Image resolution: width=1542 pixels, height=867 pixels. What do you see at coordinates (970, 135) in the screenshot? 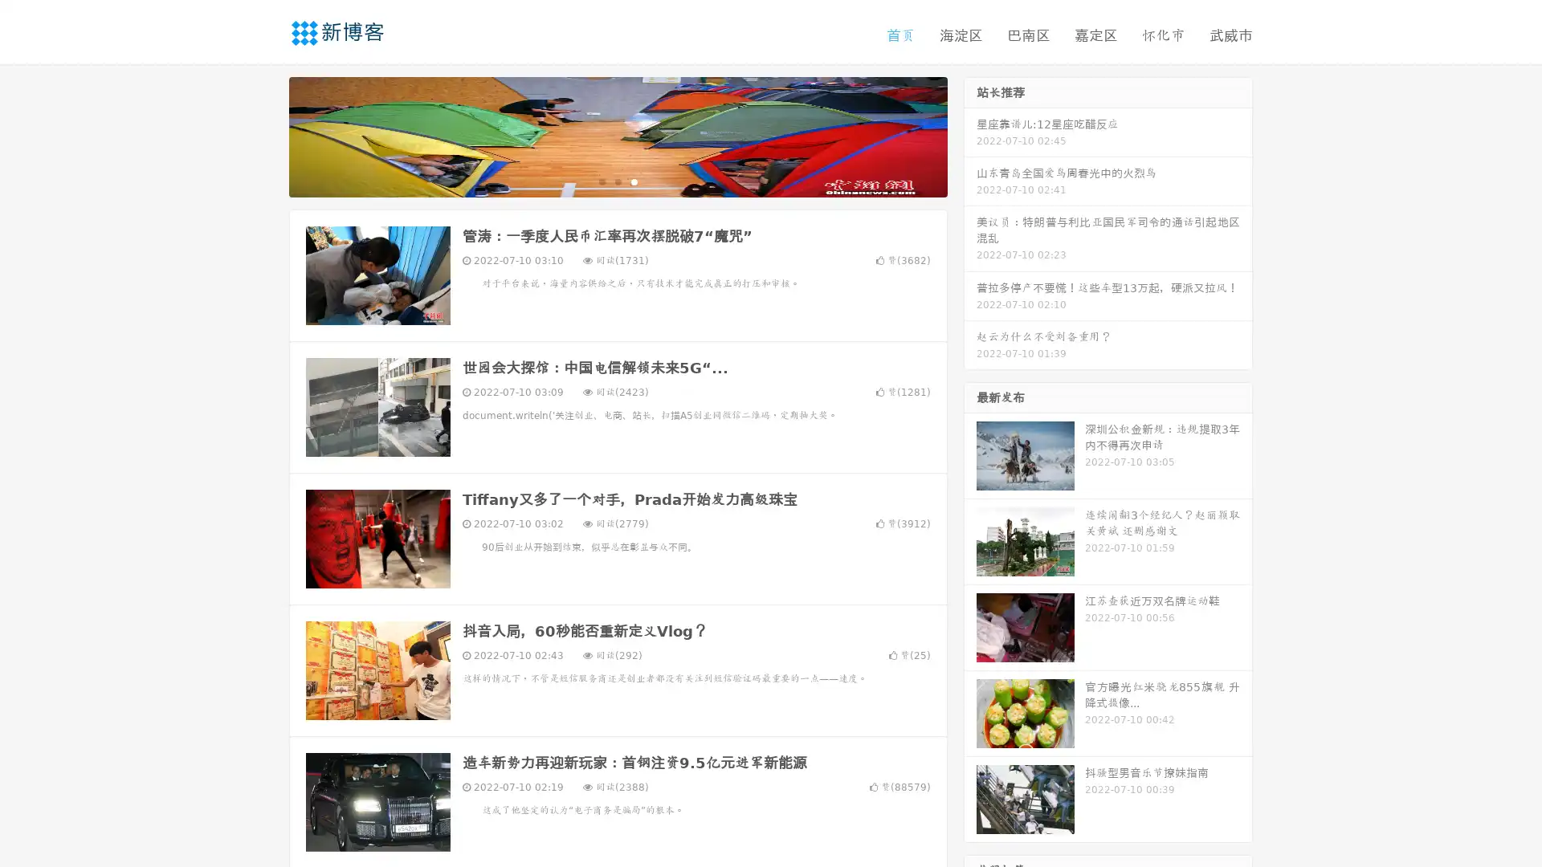
I see `Next slide` at bounding box center [970, 135].